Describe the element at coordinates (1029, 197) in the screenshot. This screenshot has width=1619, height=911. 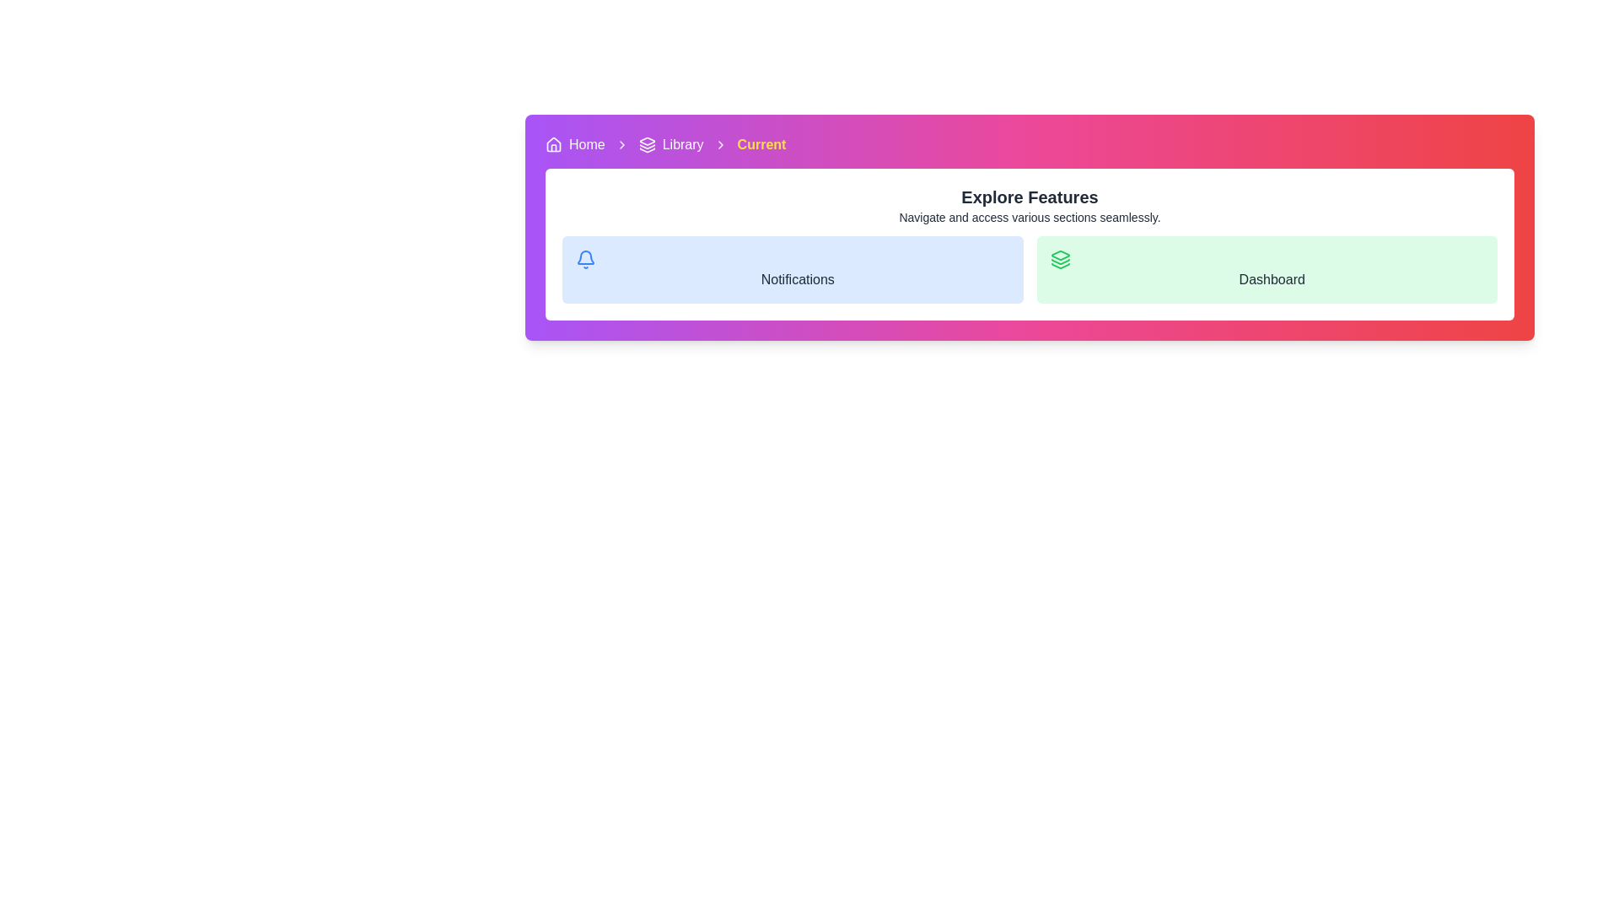
I see `the bold text that says 'Explore Features' located at the top center of the card layout` at that location.